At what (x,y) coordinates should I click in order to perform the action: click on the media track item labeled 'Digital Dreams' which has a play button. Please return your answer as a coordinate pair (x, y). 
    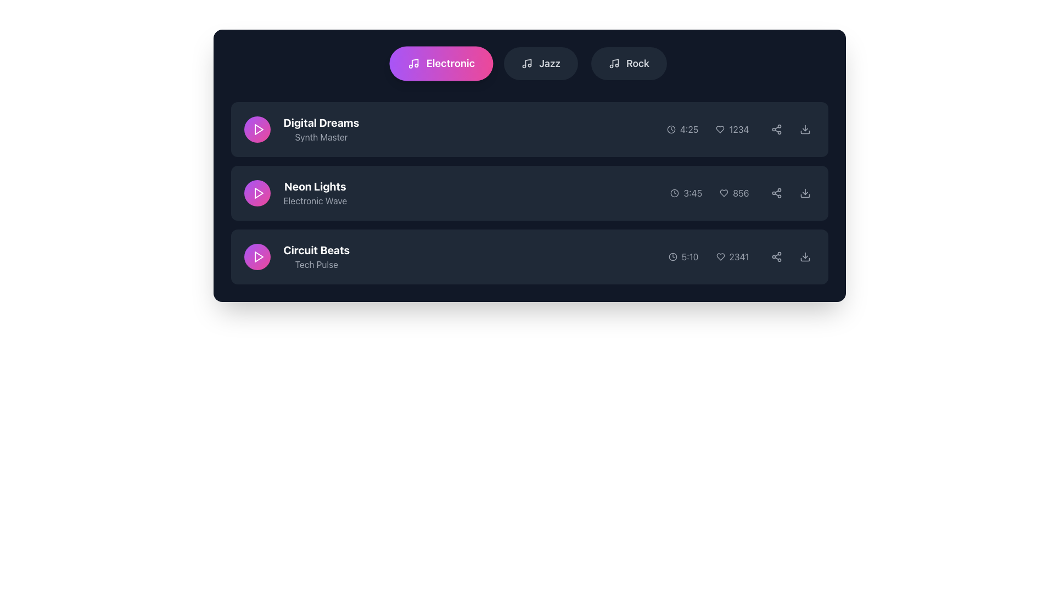
    Looking at the image, I should click on (301, 128).